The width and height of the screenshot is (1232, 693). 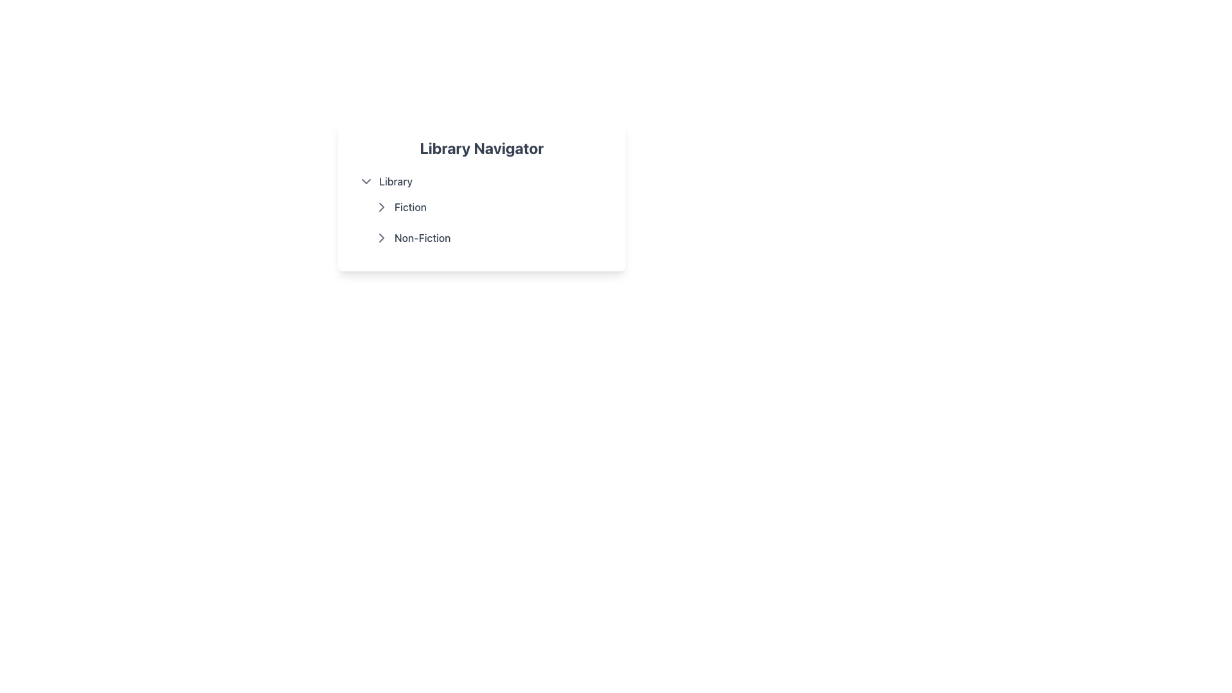 I want to click on the 'Fiction' menu item, which is the first selectable item in the vertical navigation layout, so click(x=481, y=207).